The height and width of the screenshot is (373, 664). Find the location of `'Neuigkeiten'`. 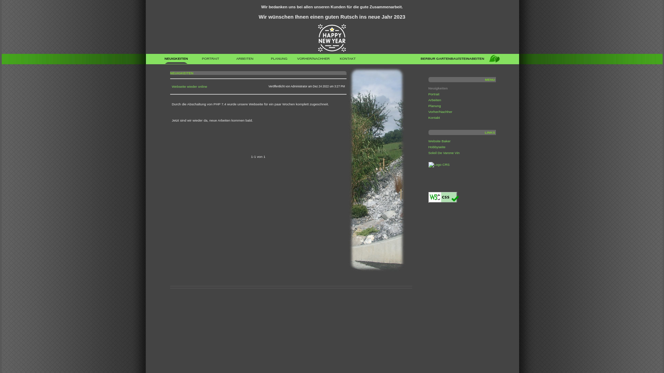

'Neuigkeiten' is located at coordinates (437, 88).